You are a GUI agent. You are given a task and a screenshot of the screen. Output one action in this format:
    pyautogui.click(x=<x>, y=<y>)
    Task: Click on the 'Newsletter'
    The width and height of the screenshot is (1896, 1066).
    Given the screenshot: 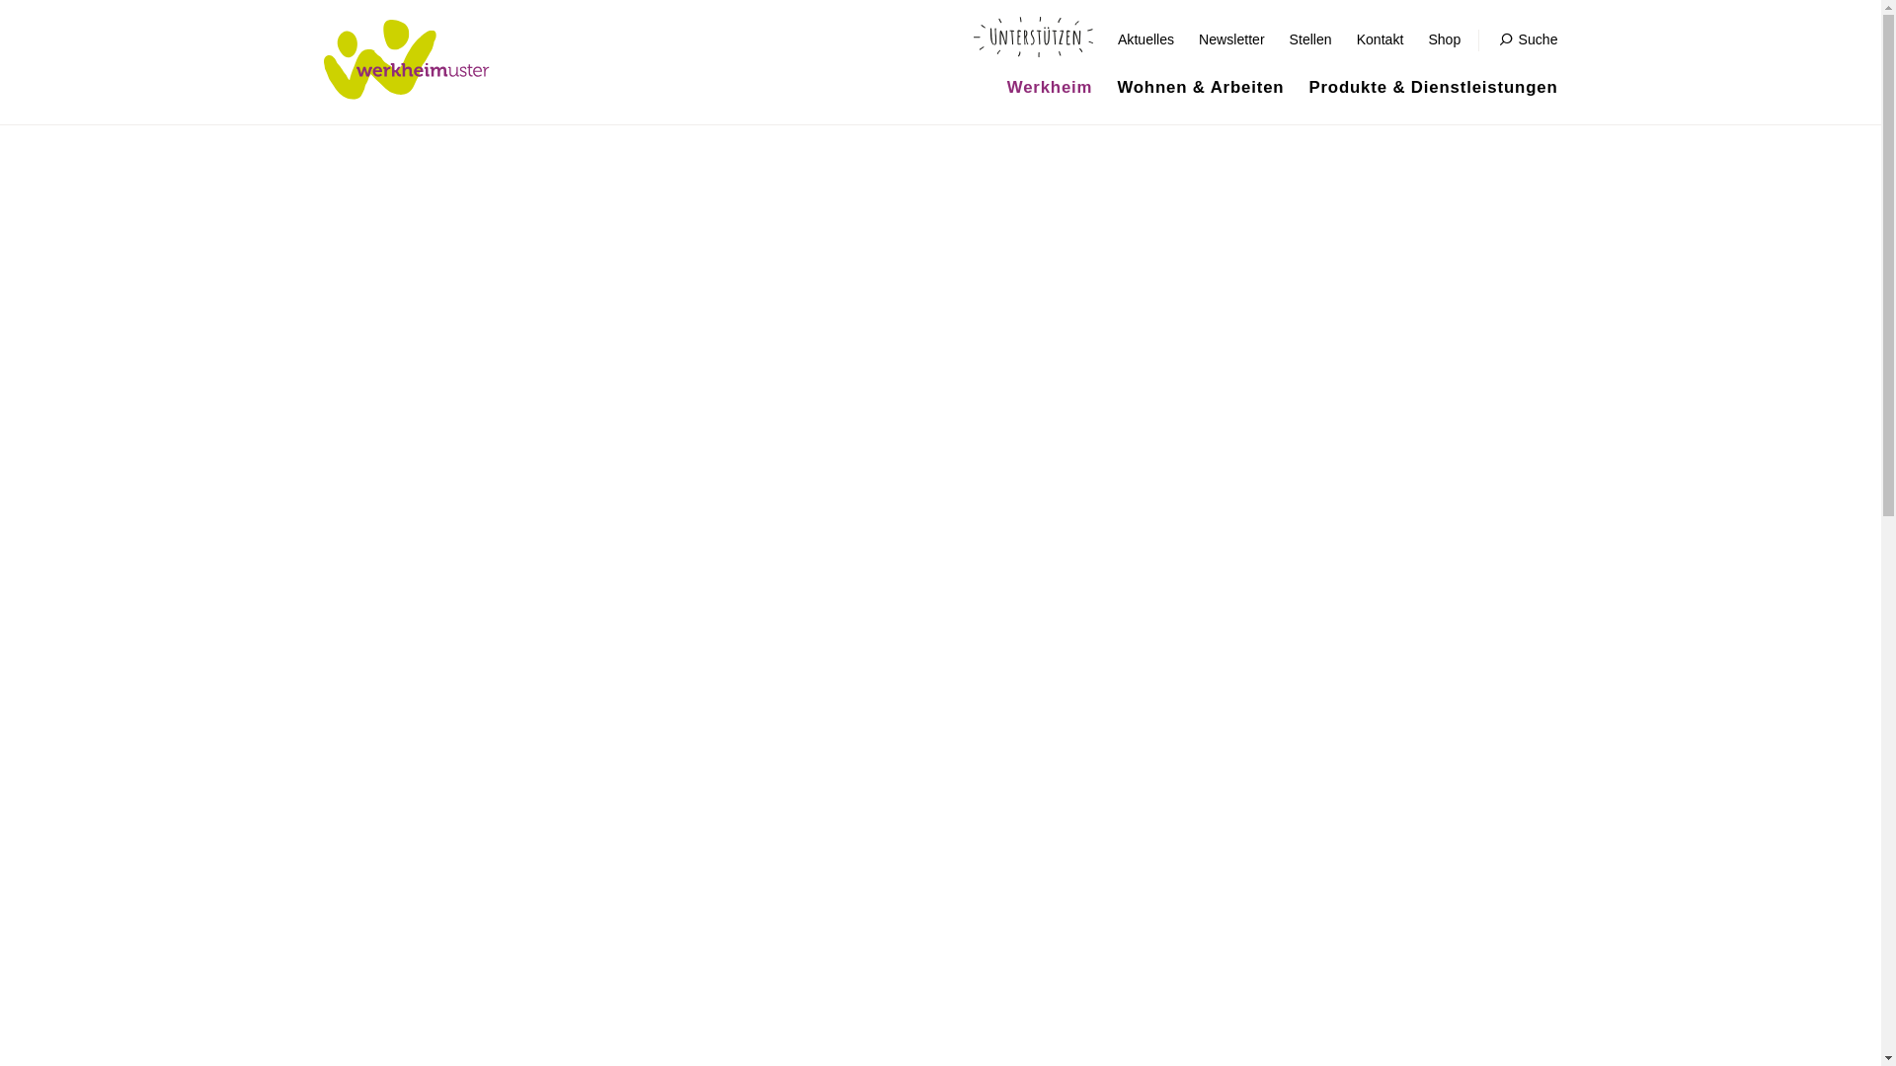 What is the action you would take?
    pyautogui.click(x=1230, y=39)
    